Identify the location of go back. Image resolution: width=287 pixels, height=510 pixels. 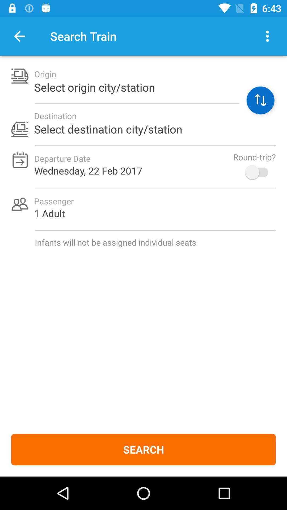
(19, 36).